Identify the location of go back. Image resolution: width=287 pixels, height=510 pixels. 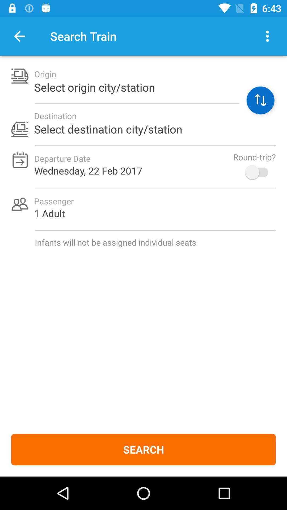
(19, 36).